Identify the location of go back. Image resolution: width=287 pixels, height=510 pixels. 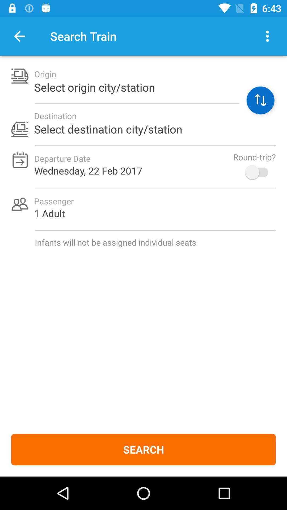
(19, 36).